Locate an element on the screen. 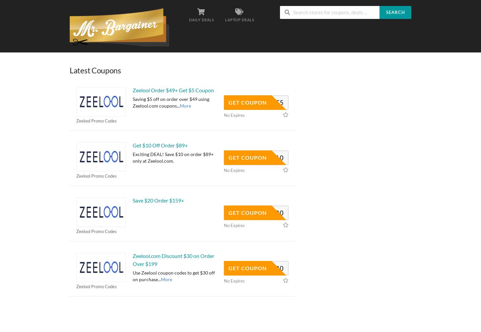  'Search' is located at coordinates (385, 12).